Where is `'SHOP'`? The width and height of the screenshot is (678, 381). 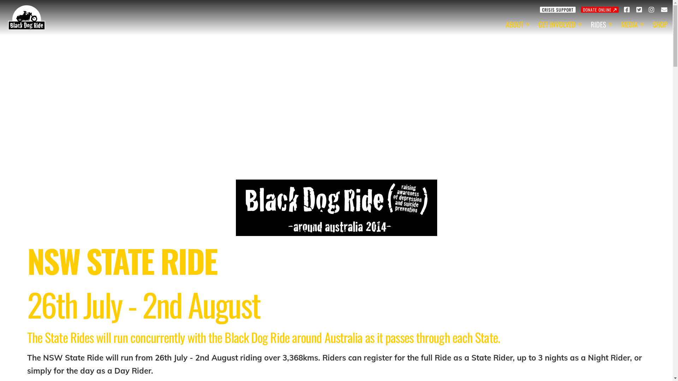 'SHOP' is located at coordinates (660, 24).